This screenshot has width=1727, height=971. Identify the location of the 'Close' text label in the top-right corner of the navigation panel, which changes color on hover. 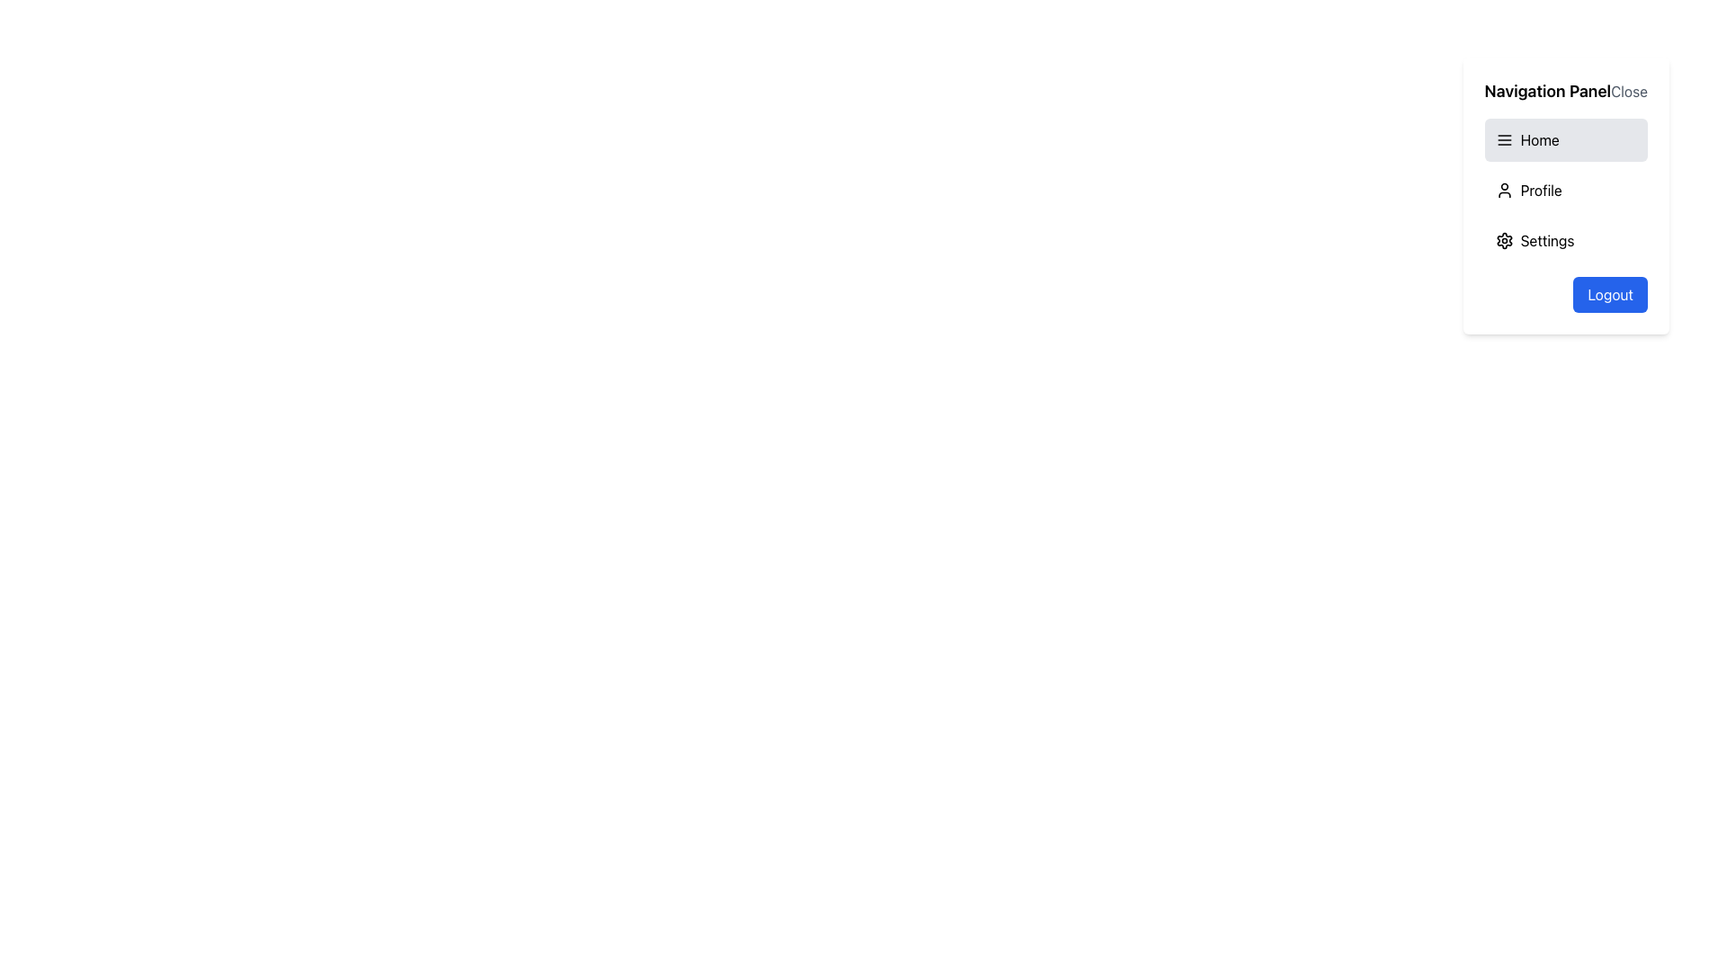
(1629, 91).